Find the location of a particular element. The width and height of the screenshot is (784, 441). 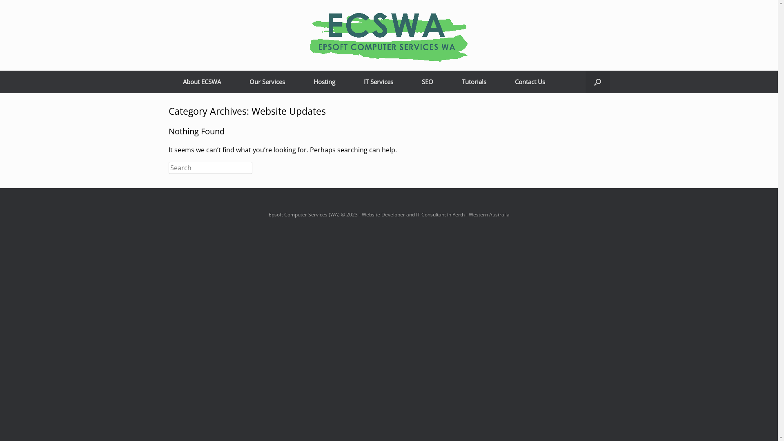

'IT Services' is located at coordinates (378, 82).